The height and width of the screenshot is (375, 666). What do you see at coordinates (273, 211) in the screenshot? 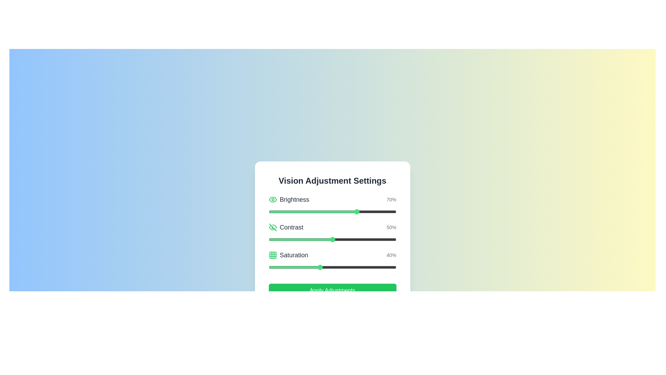
I see `the brightness slider to set the brightness to 4%` at bounding box center [273, 211].